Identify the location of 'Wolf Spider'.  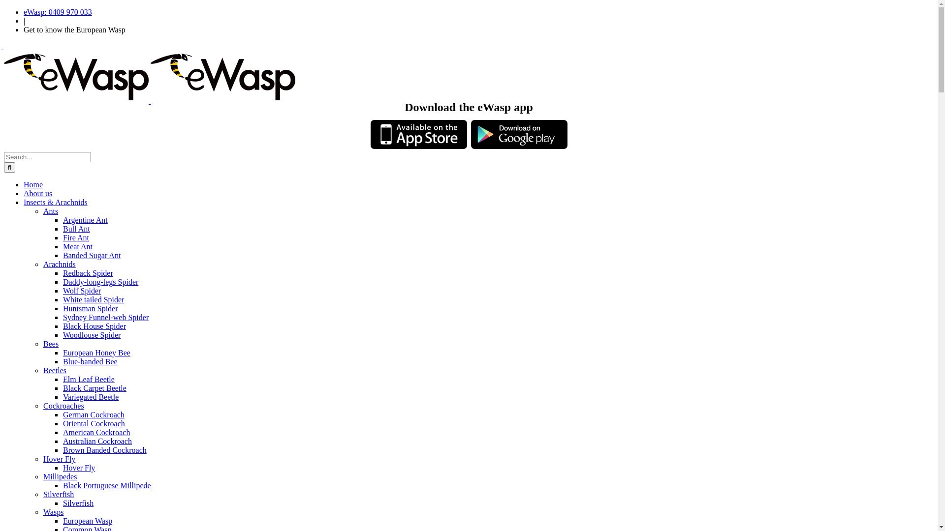
(63, 290).